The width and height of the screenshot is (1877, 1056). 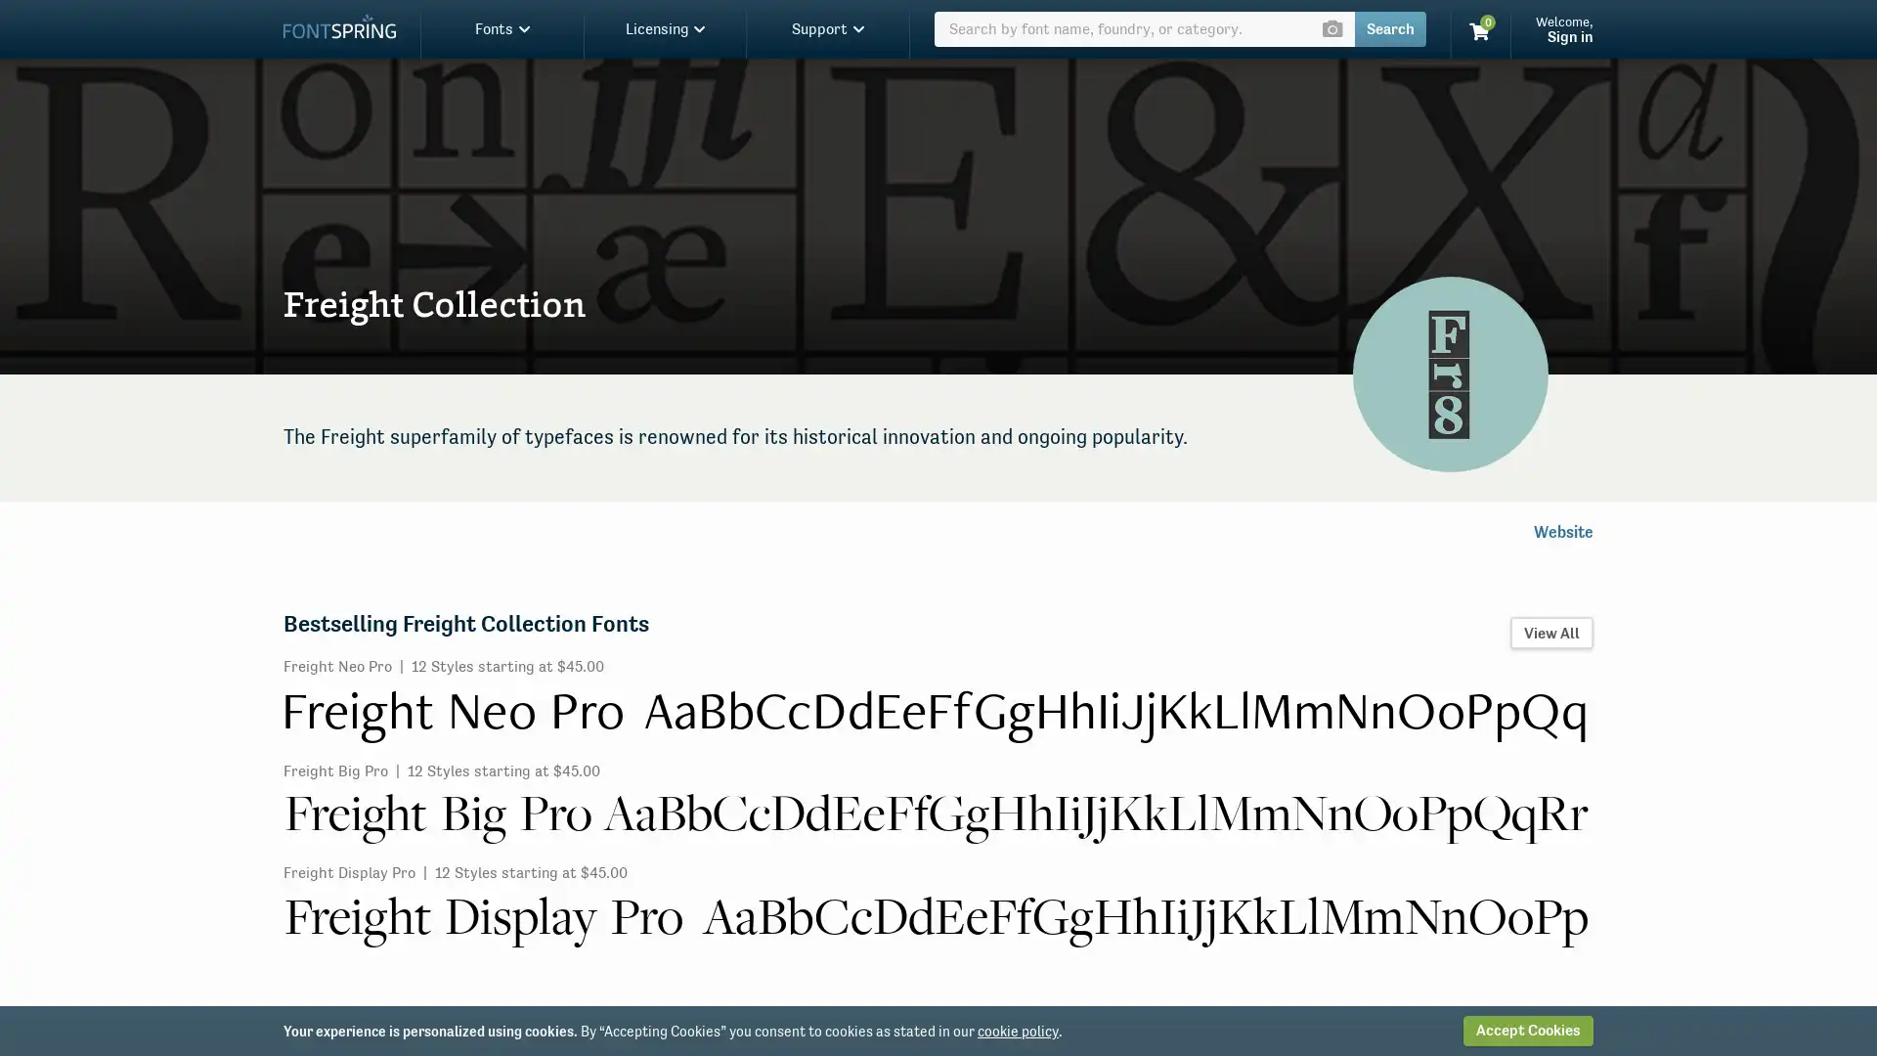 I want to click on Accept Cookies, so click(x=1527, y=1030).